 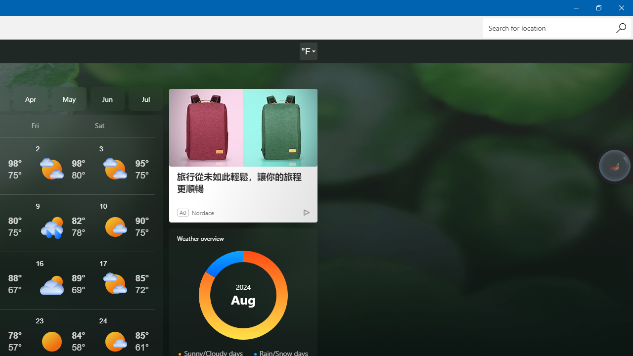 What do you see at coordinates (620, 27) in the screenshot?
I see `'Search'` at bounding box center [620, 27].